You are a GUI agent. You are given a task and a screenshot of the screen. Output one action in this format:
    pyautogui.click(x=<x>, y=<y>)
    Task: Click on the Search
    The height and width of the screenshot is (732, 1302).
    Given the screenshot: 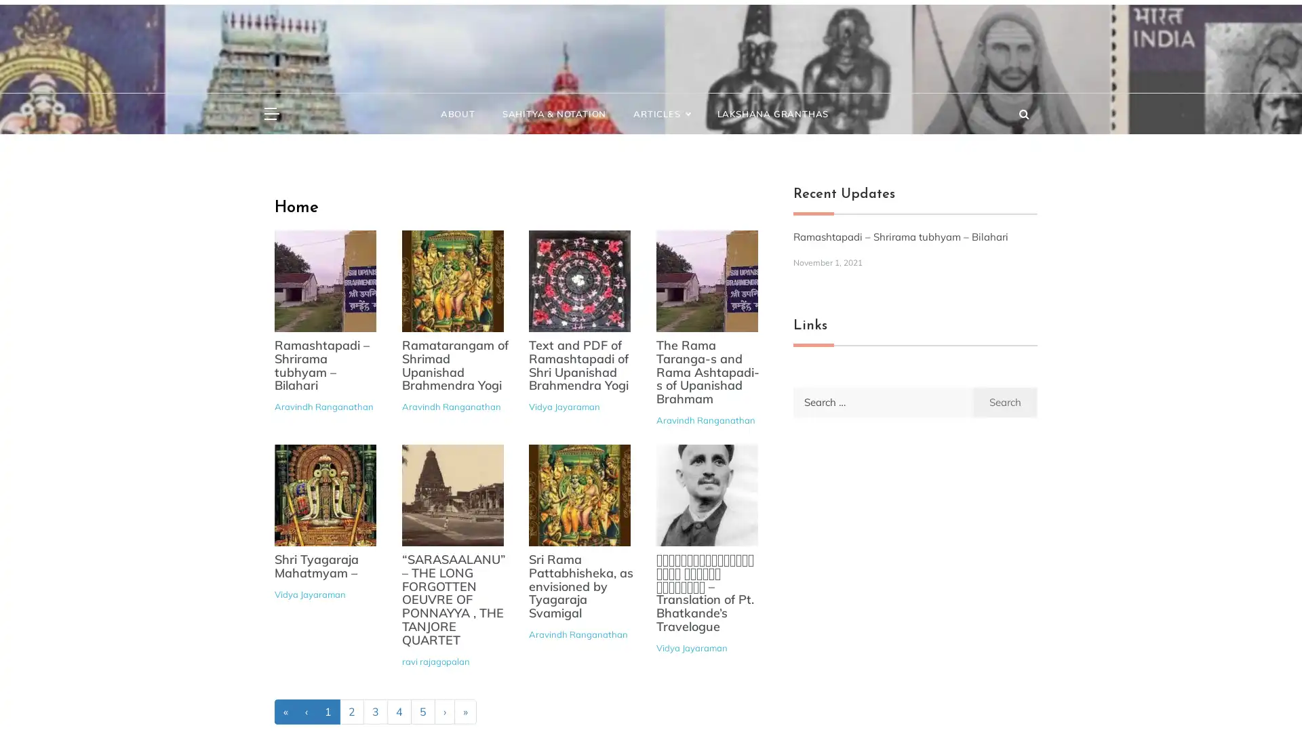 What is the action you would take?
    pyautogui.click(x=1005, y=401)
    